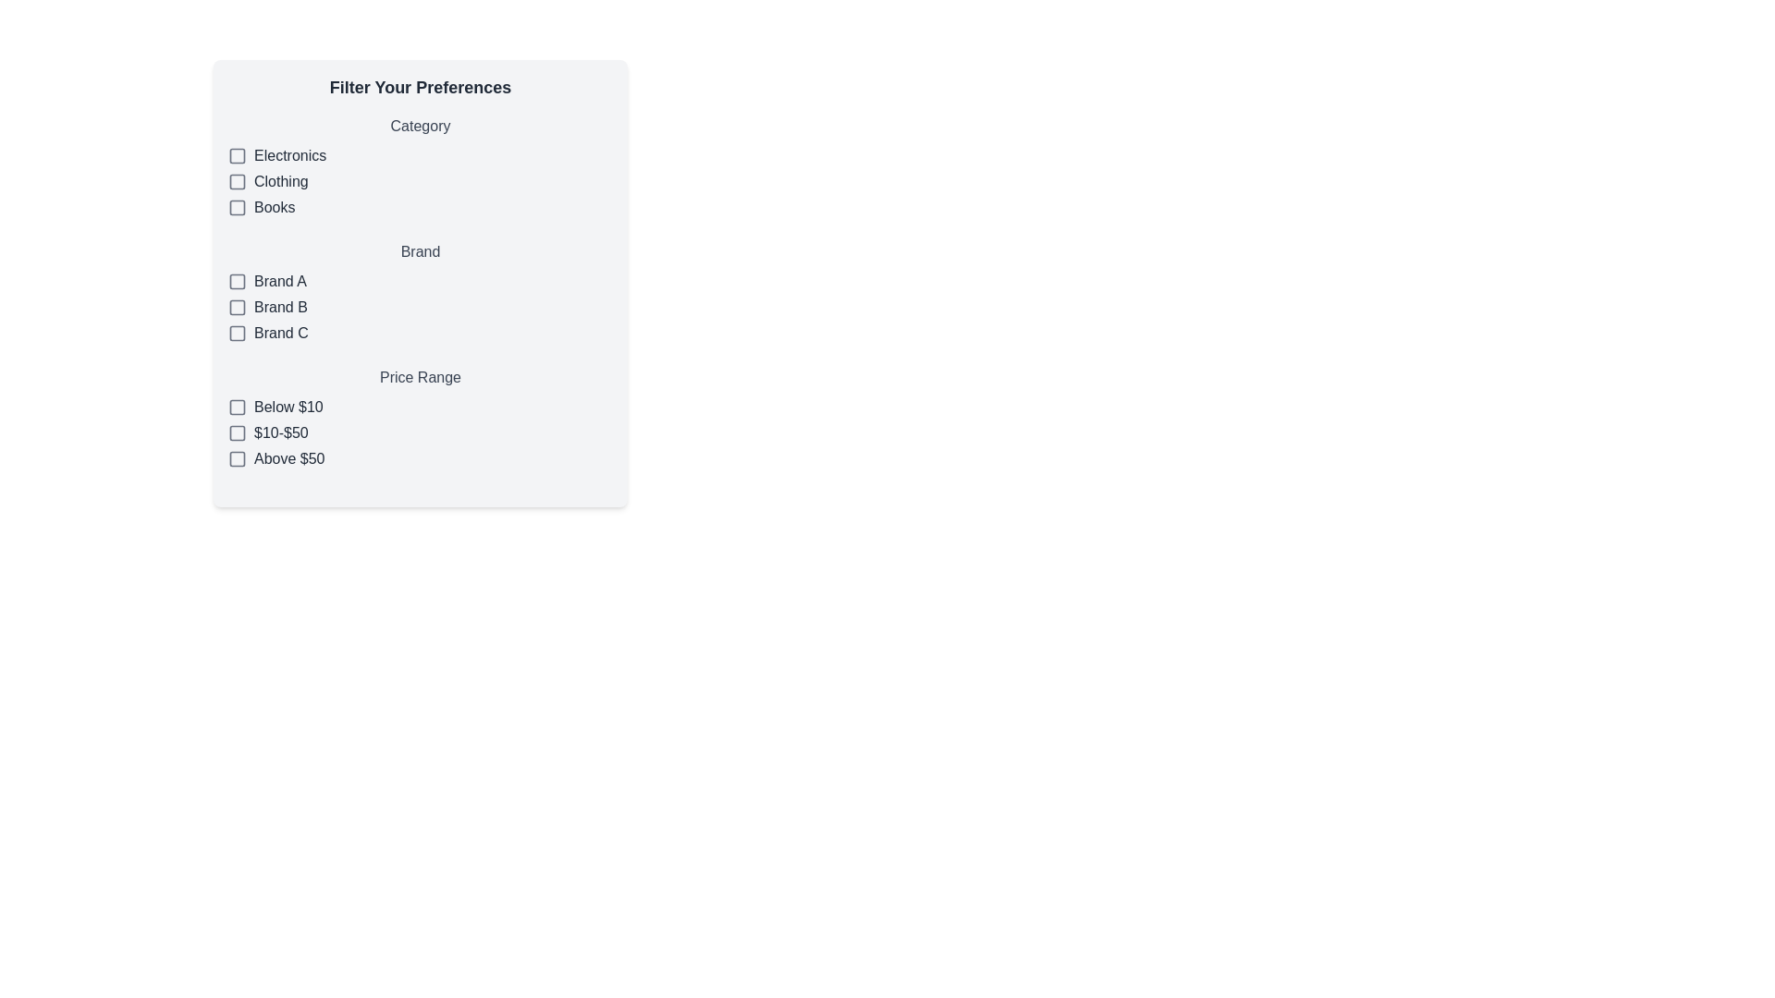  Describe the element at coordinates (289, 155) in the screenshot. I see `the 'Electronics' category text label, which is aligned to the right of a checkbox in the filter sidebar` at that location.